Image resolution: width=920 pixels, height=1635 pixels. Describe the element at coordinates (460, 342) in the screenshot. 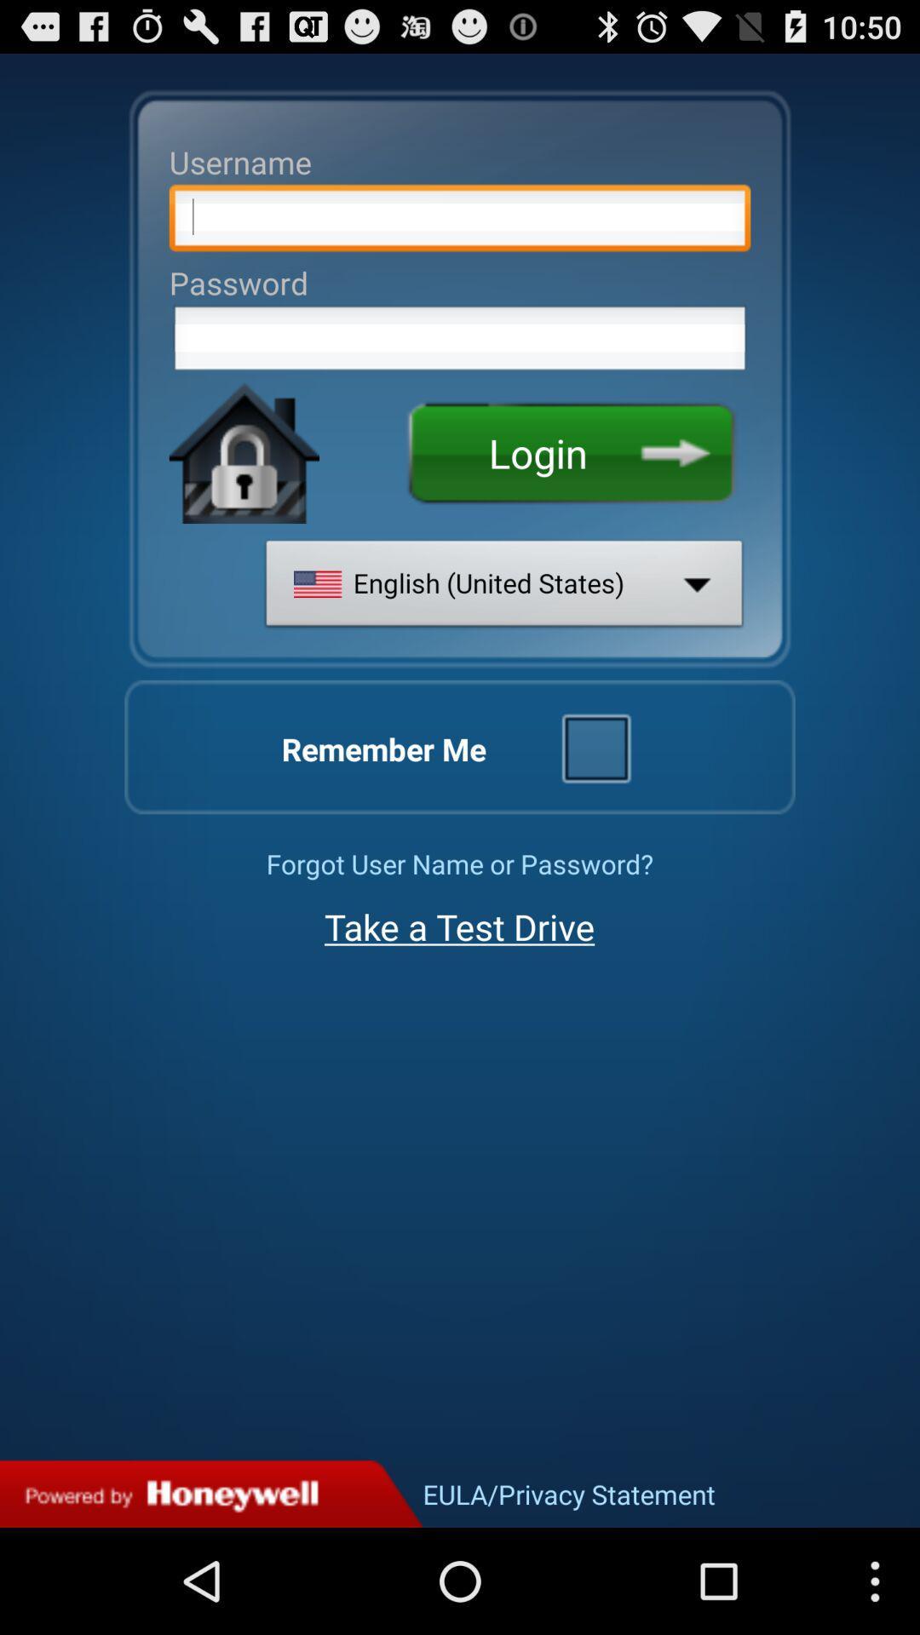

I see `password` at that location.